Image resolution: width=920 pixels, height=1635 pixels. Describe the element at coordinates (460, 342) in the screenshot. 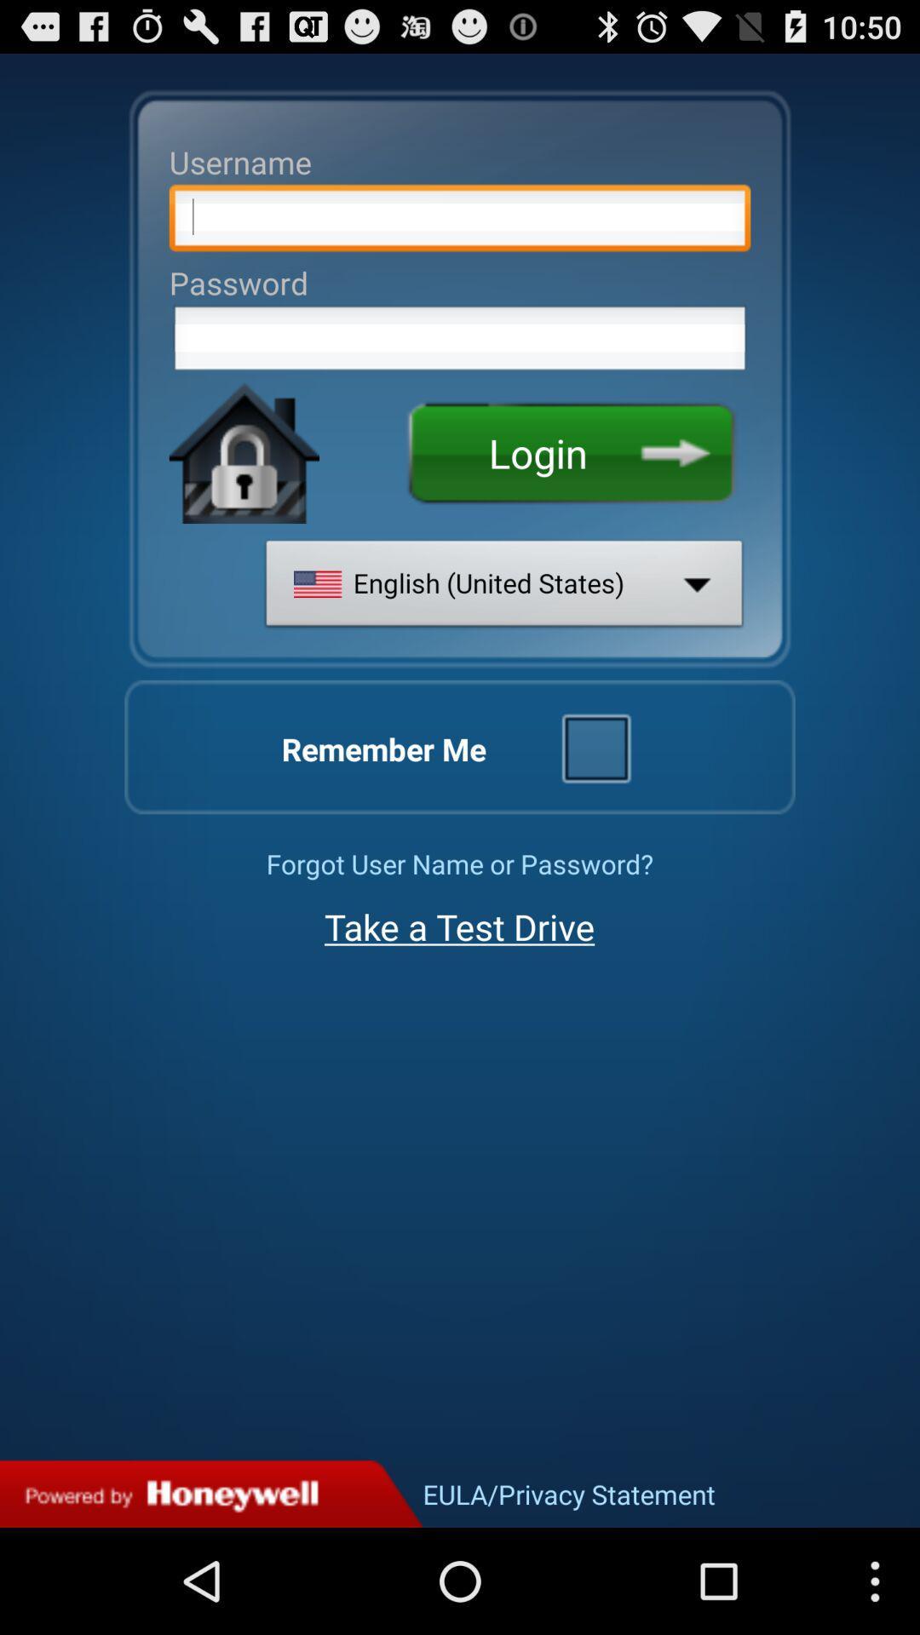

I see `password` at that location.